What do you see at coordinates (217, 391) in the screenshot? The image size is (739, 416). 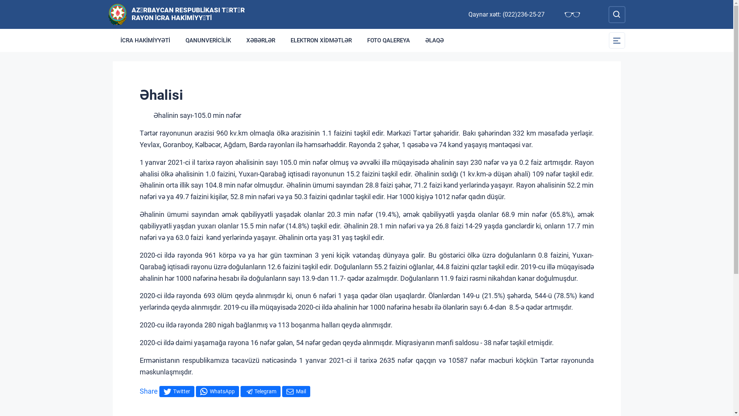 I see `'WhatsApp'` at bounding box center [217, 391].